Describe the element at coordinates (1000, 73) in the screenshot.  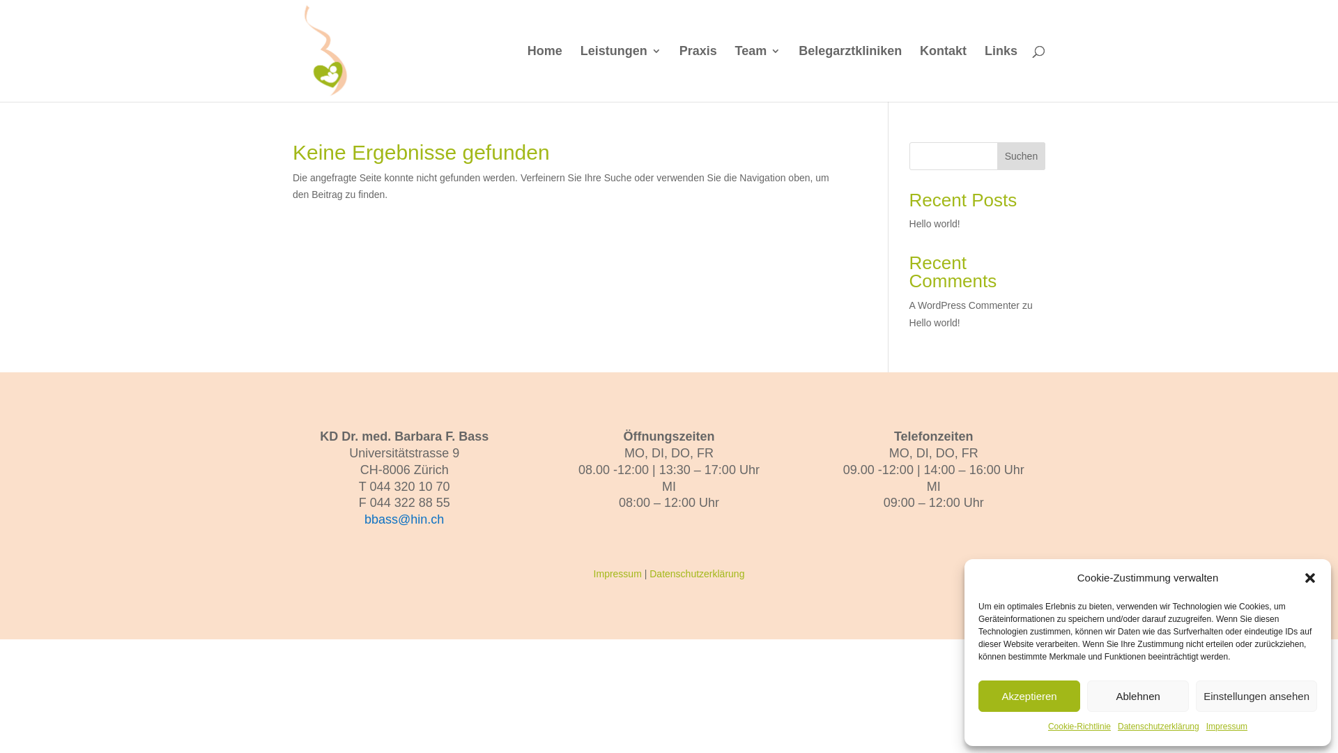
I see `'Links'` at that location.